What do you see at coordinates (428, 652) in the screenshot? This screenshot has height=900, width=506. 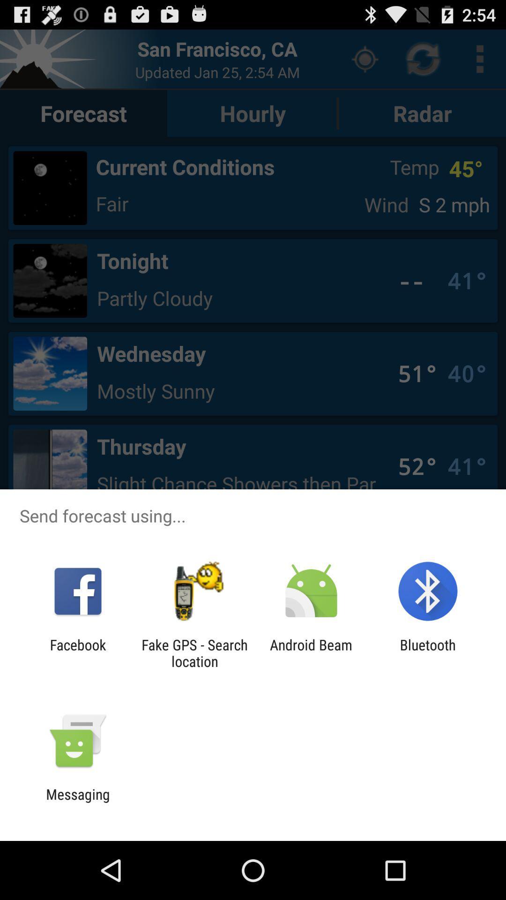 I see `the item next to the android beam item` at bounding box center [428, 652].